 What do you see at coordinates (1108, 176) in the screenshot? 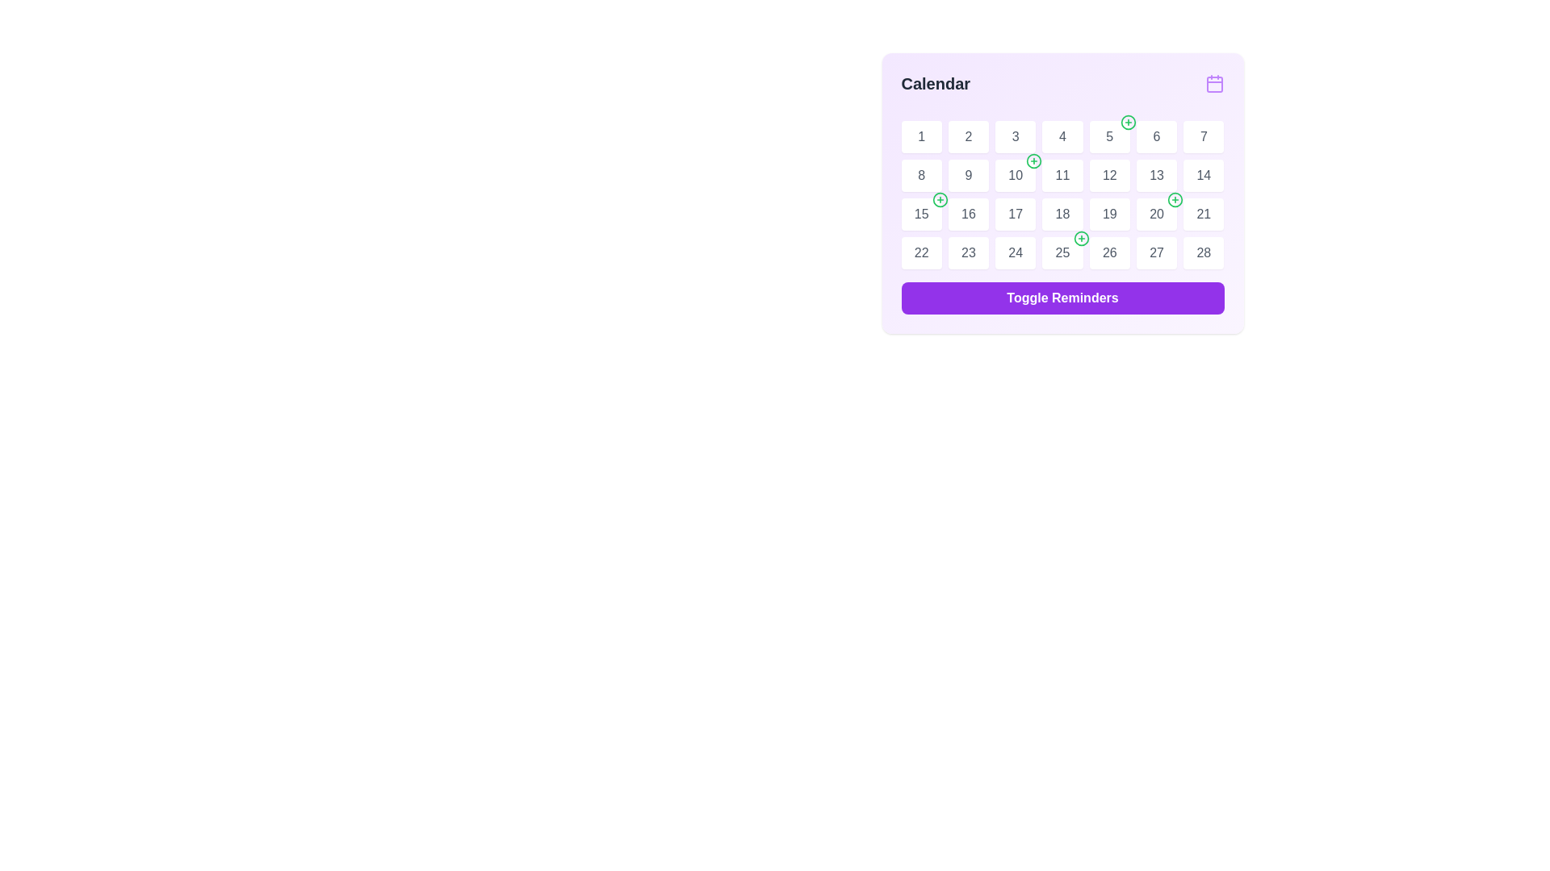
I see `the calendar button representing the 12th day of the month` at bounding box center [1108, 176].